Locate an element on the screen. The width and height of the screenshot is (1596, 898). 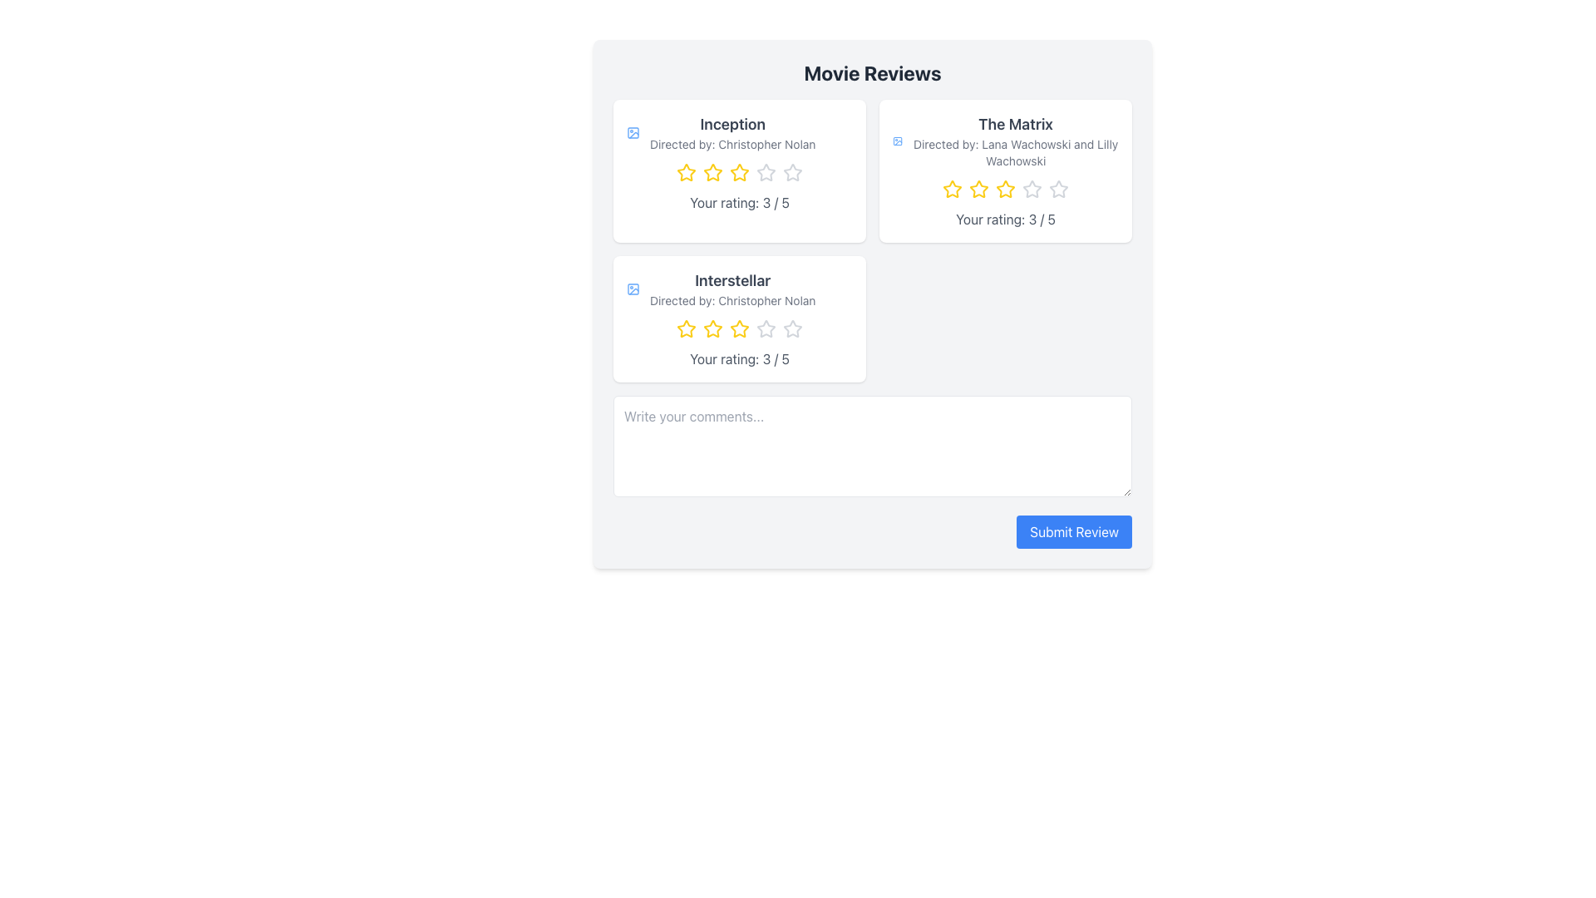
the static text label displaying the movie title 'Inception', located at the top of the card in the first row and first column of the movie reviews grid is located at coordinates (731, 124).